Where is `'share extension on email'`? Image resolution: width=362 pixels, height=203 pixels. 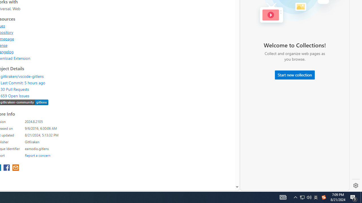 'share extension on email' is located at coordinates (16, 168).